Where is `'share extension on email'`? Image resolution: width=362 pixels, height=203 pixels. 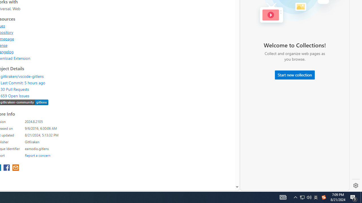 'share extension on email' is located at coordinates (16, 168).